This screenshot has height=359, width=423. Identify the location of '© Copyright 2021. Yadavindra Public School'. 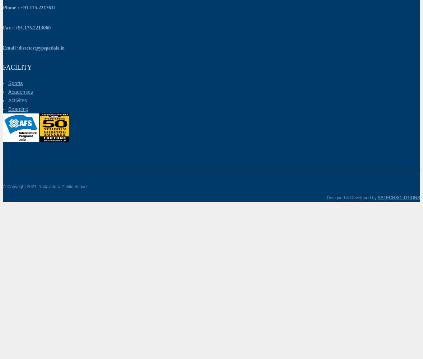
(45, 187).